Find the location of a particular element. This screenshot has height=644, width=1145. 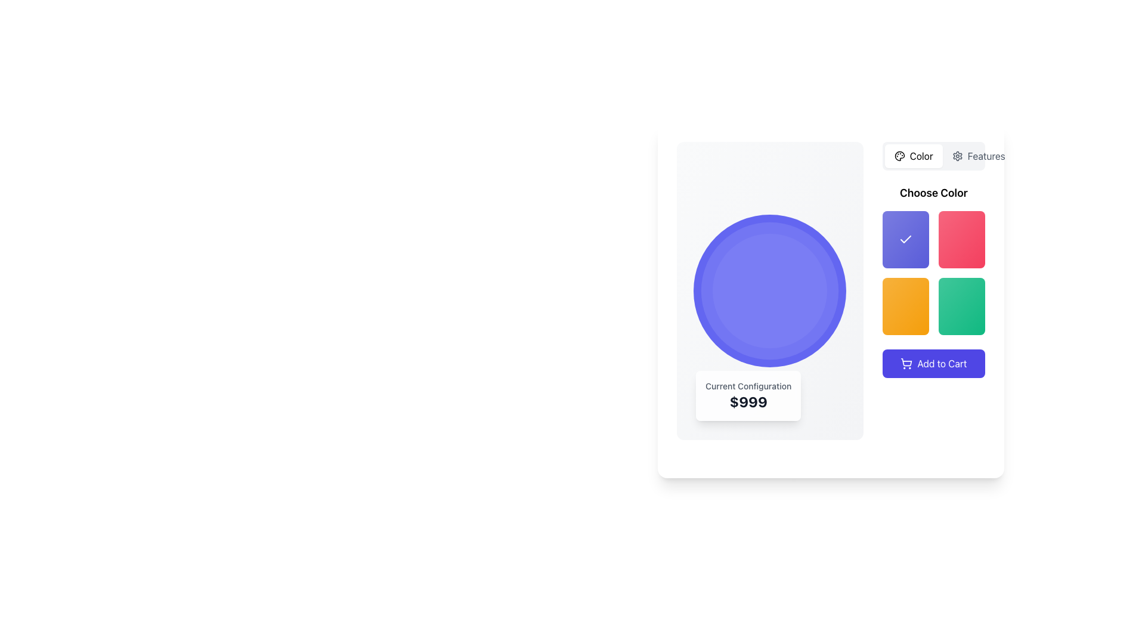

a color block in the interactive color selection grid labeled 'Choose Color' for touch devices is located at coordinates (933, 259).